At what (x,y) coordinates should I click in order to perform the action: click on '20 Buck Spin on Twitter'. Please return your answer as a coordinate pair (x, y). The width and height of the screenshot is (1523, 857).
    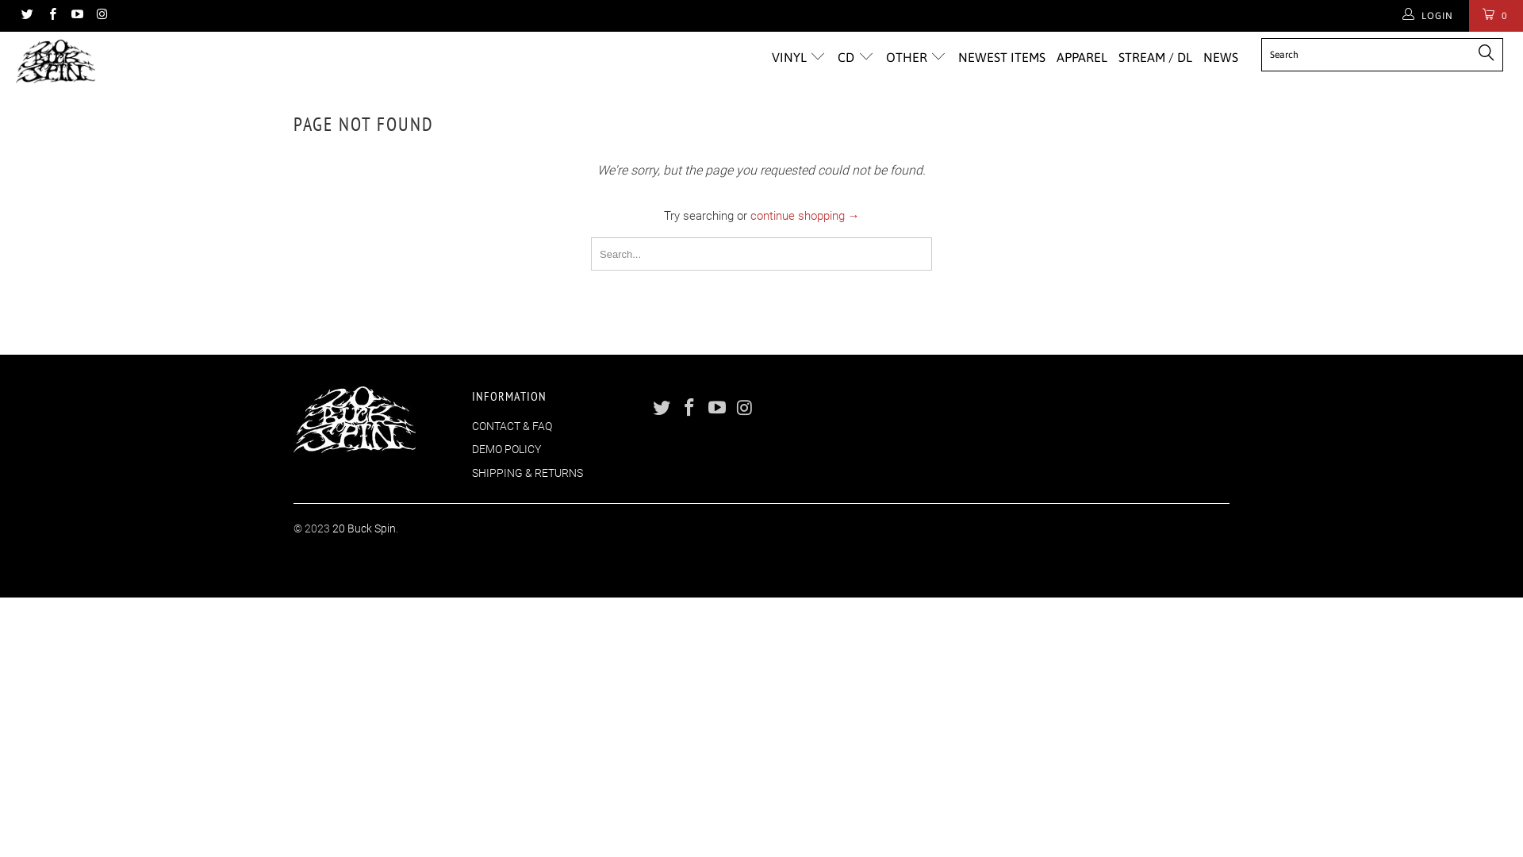
    Looking at the image, I should click on (662, 408).